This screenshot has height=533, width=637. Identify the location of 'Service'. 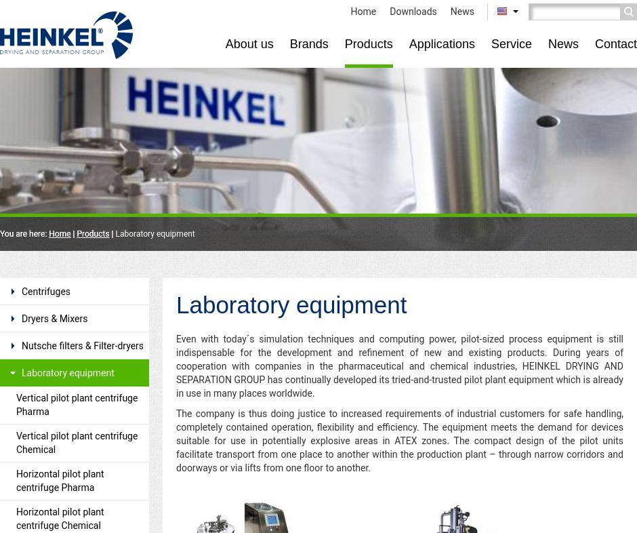
(510, 43).